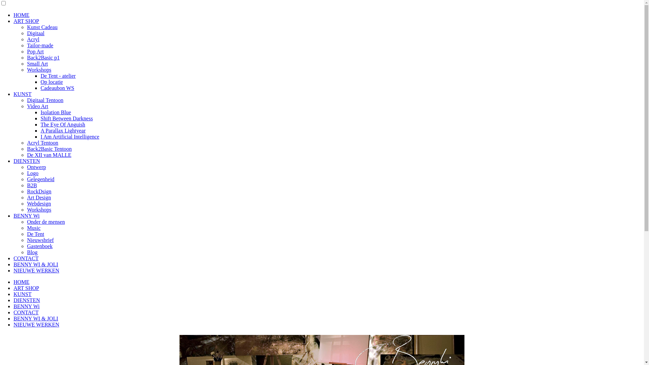  I want to click on 'Webdesign', so click(39, 203).